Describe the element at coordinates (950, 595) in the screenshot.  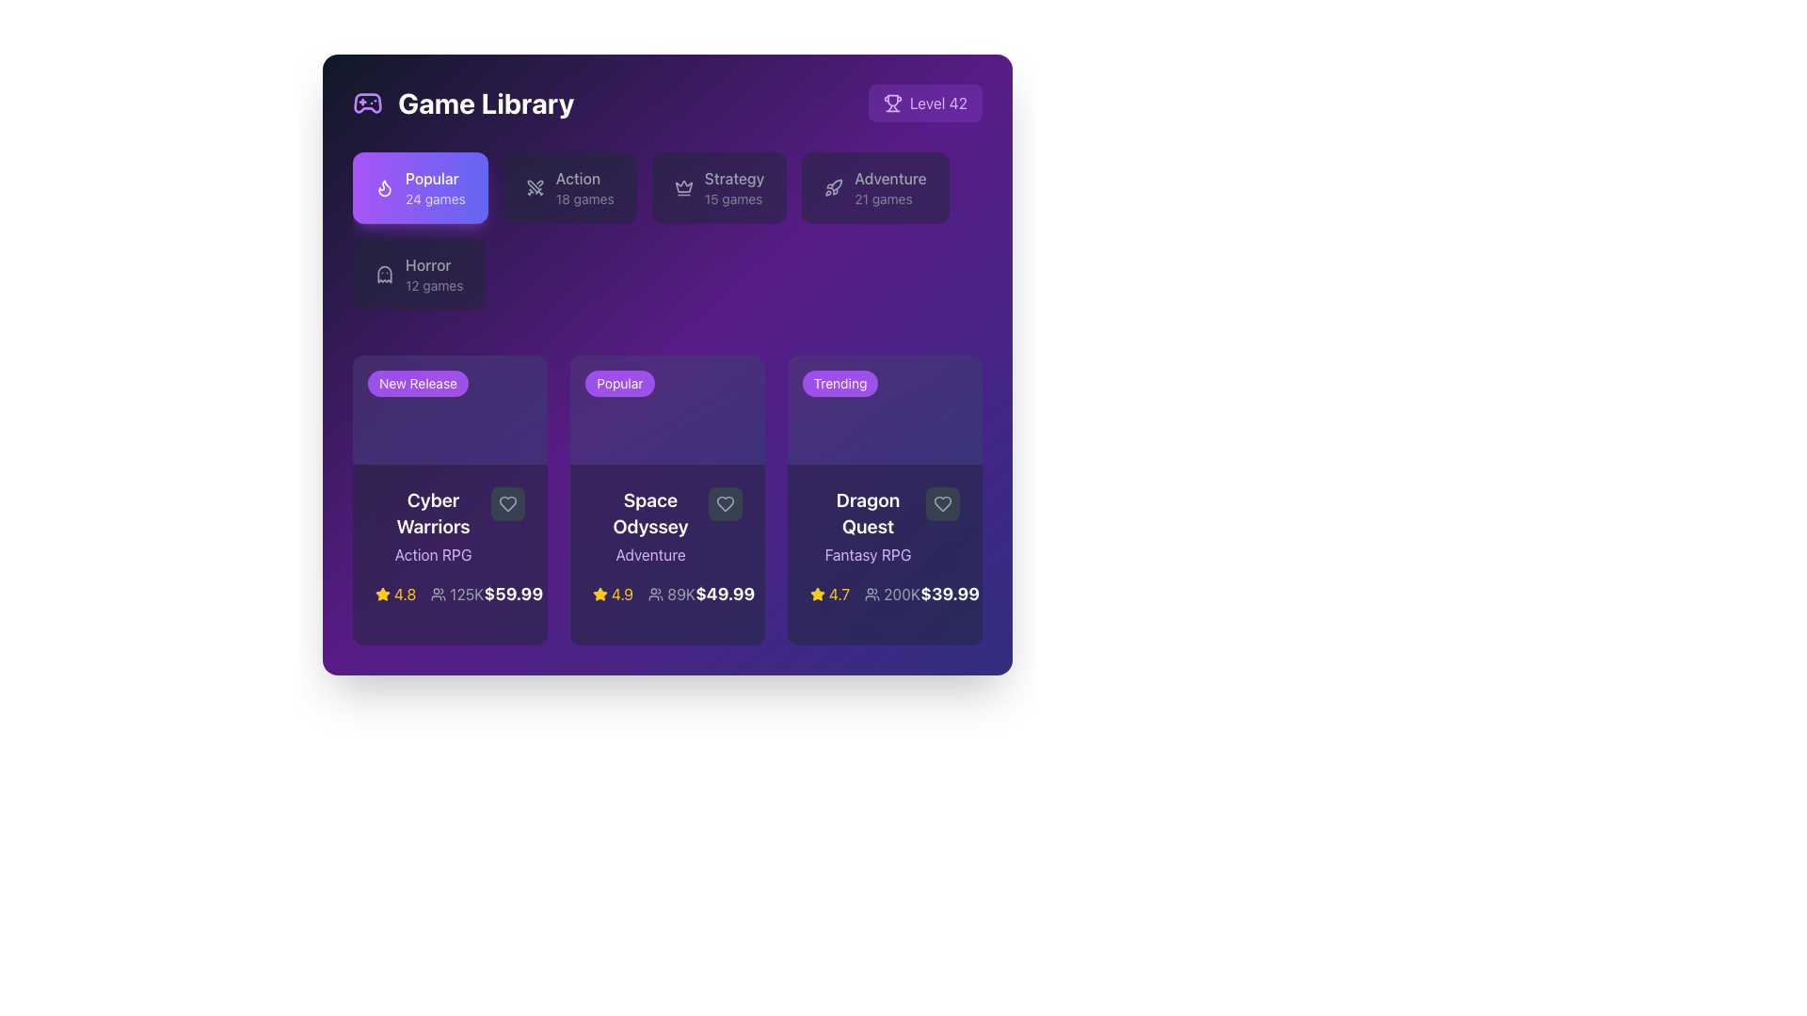
I see `price information displayed in the bottom-right corner of the third card in a three-card row layout` at that location.